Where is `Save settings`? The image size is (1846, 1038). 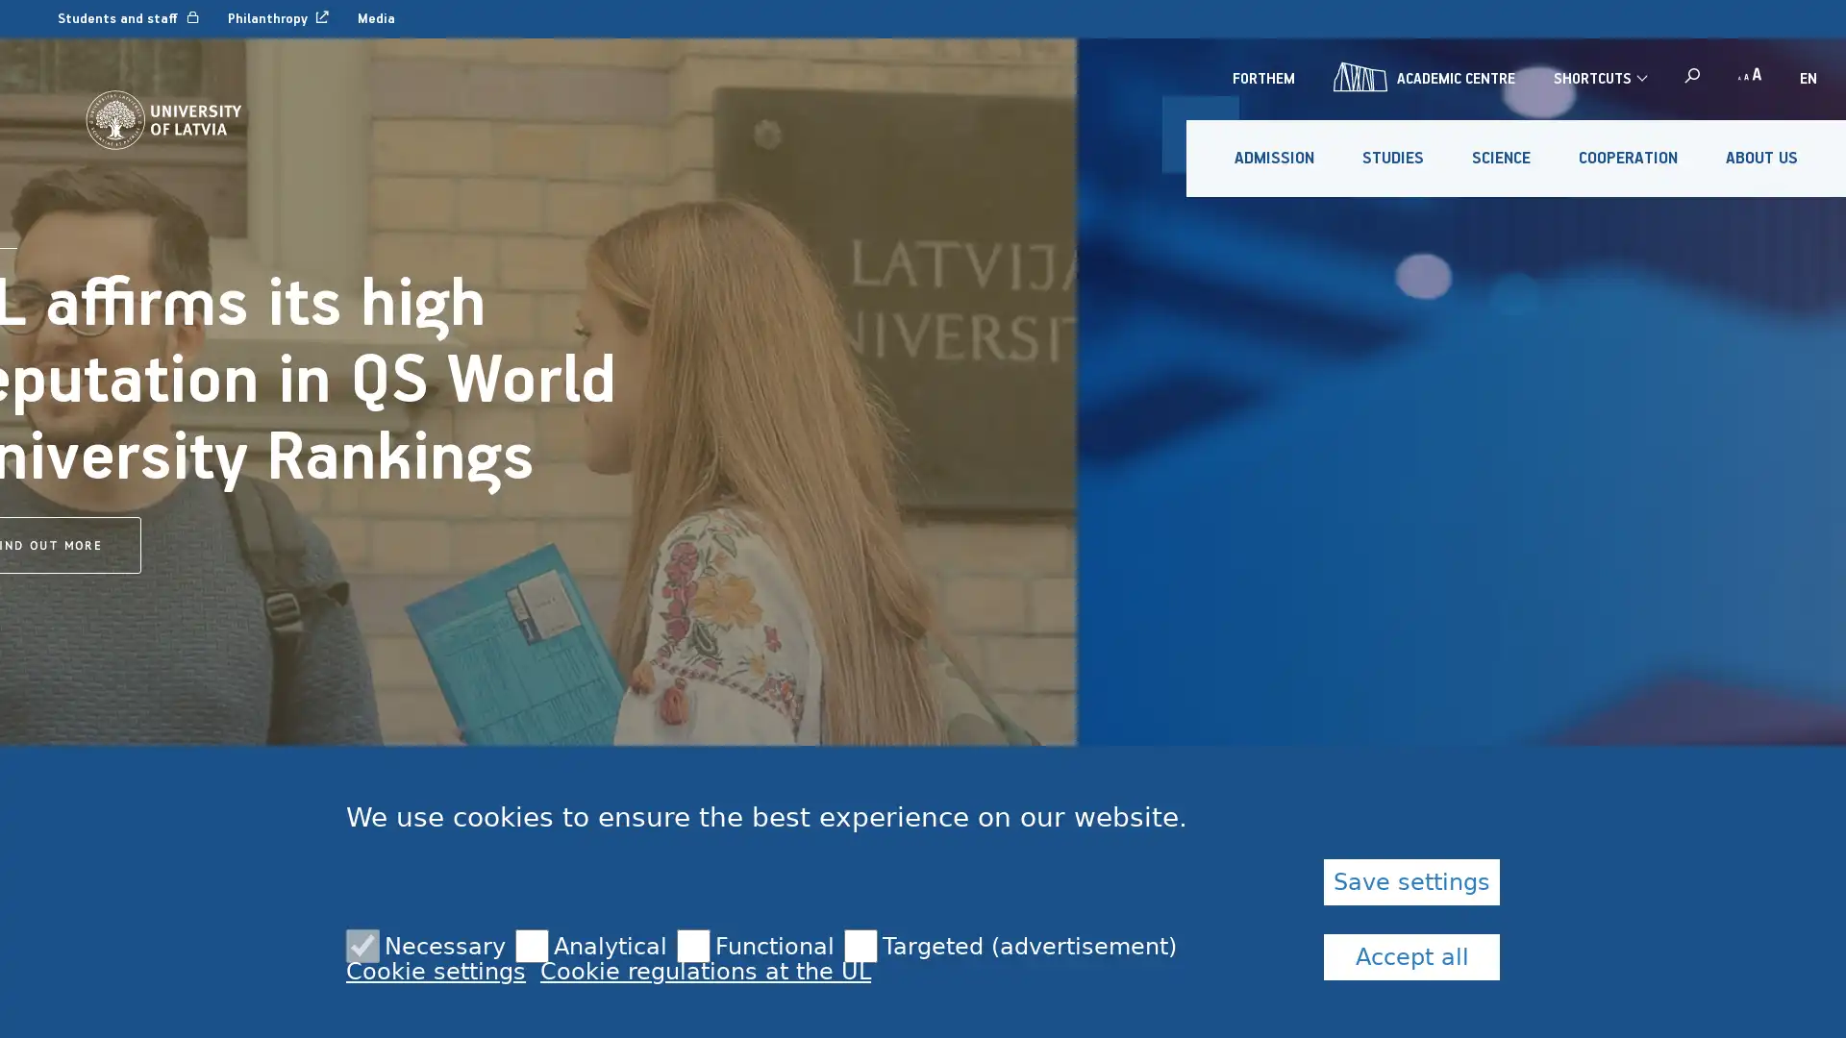
Save settings is located at coordinates (1411, 882).